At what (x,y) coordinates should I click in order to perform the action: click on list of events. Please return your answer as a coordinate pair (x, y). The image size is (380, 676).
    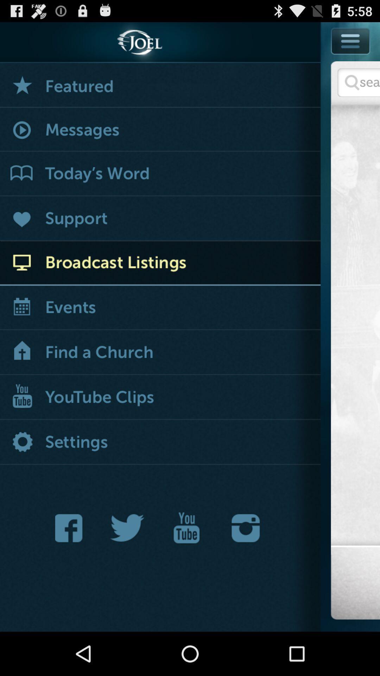
    Looking at the image, I should click on (160, 308).